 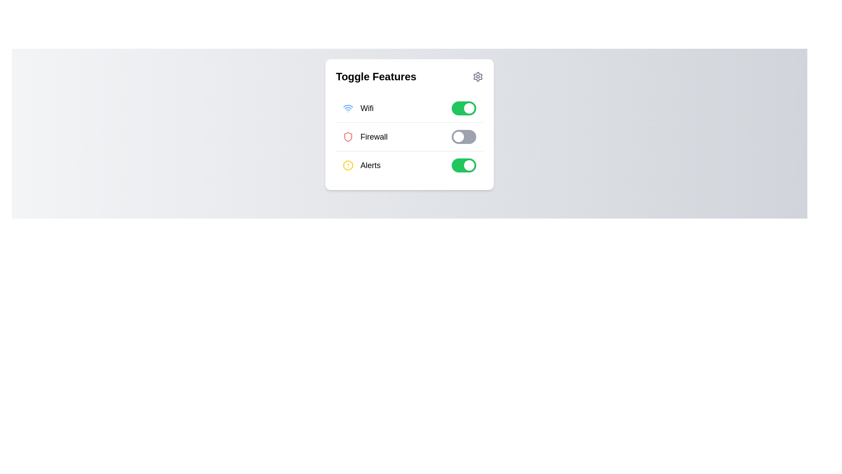 I want to click on the text label displaying 'Firewall', which is the second label in a vertically-arranged list of features in the feature configuration UI, located next to a red shield icon and followed by 'Alerts', so click(x=374, y=137).